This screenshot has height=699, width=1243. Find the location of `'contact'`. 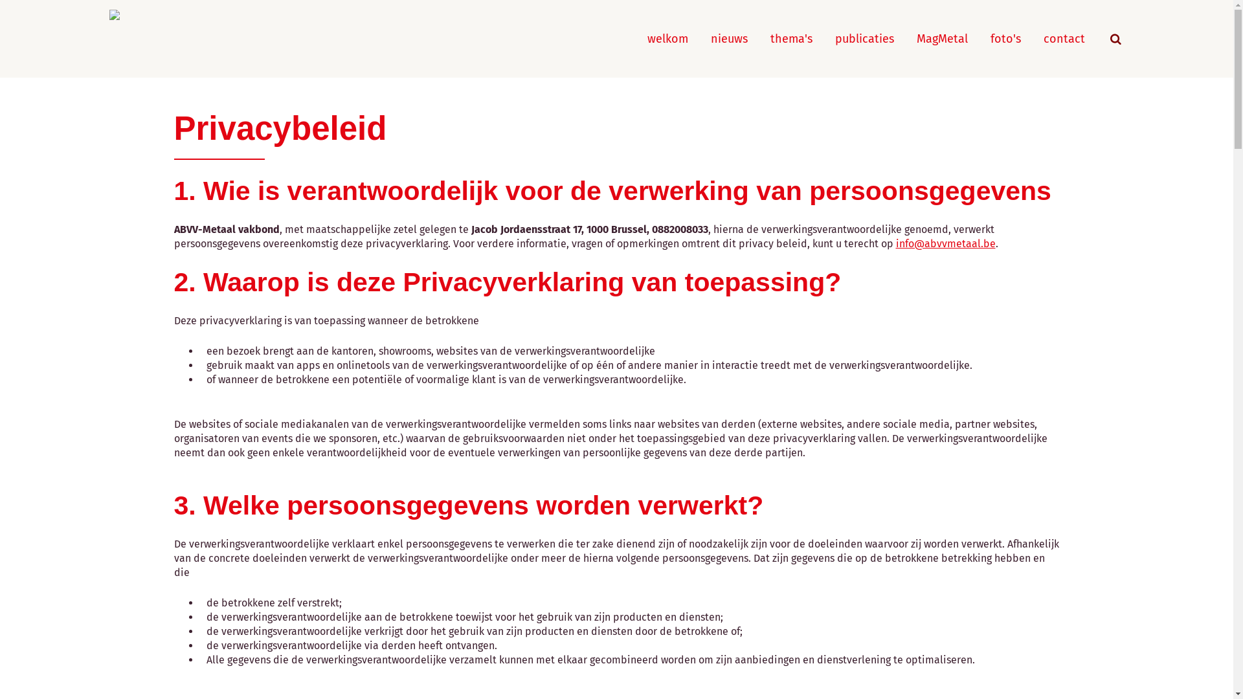

'contact' is located at coordinates (1064, 38).